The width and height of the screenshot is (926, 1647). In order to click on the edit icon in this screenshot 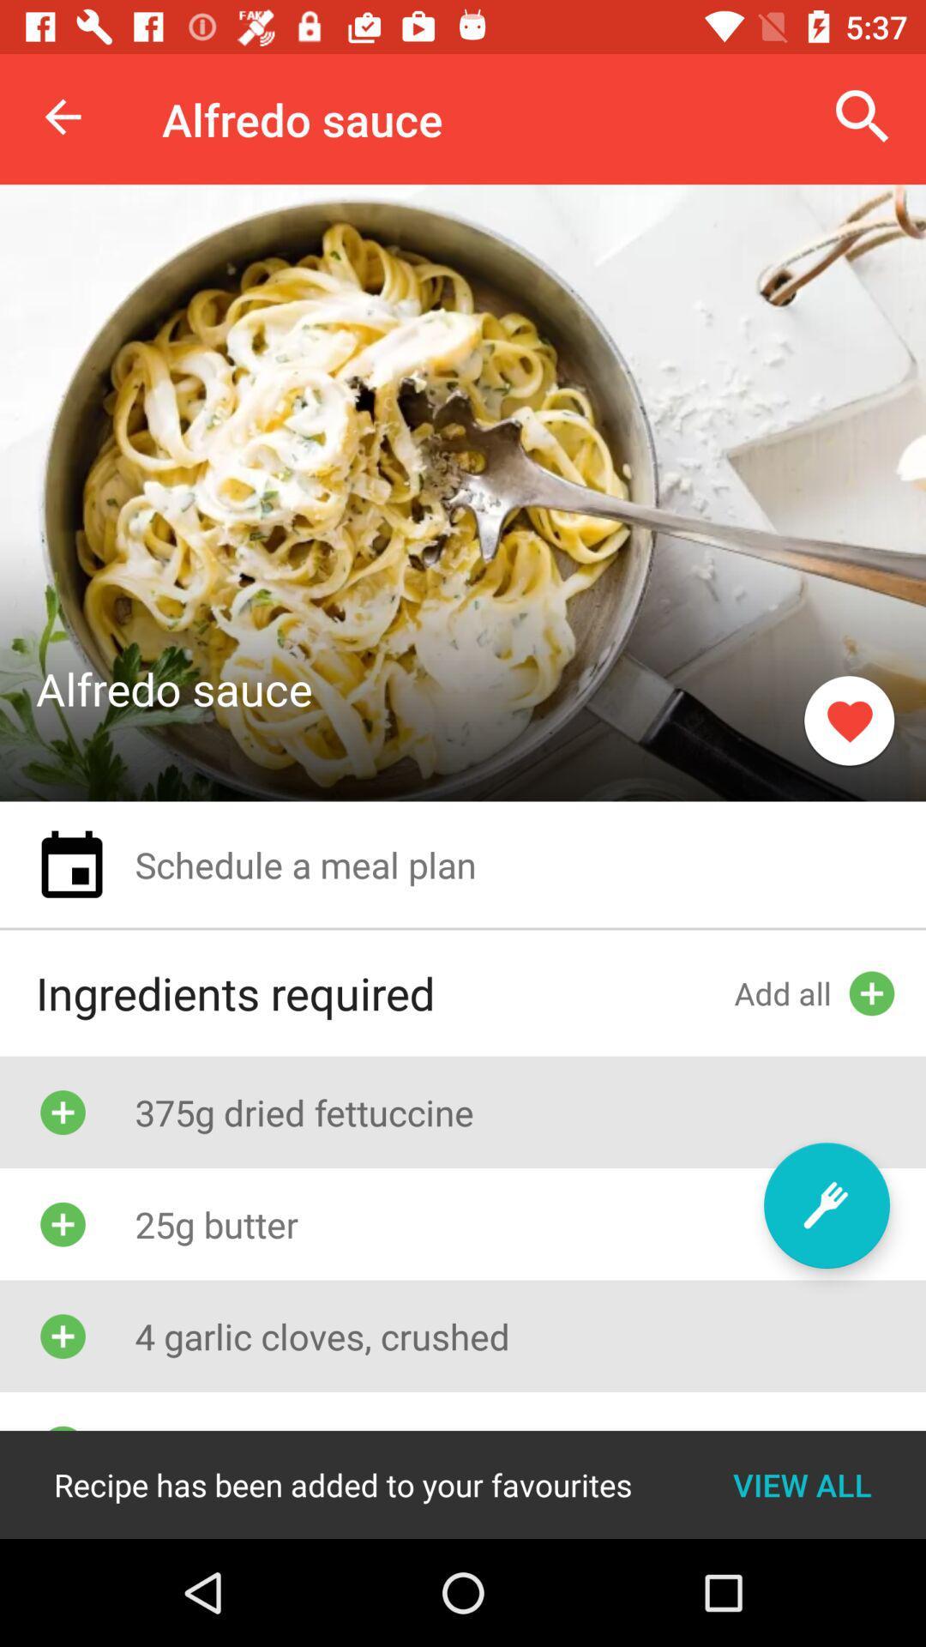, I will do `click(826, 1204)`.